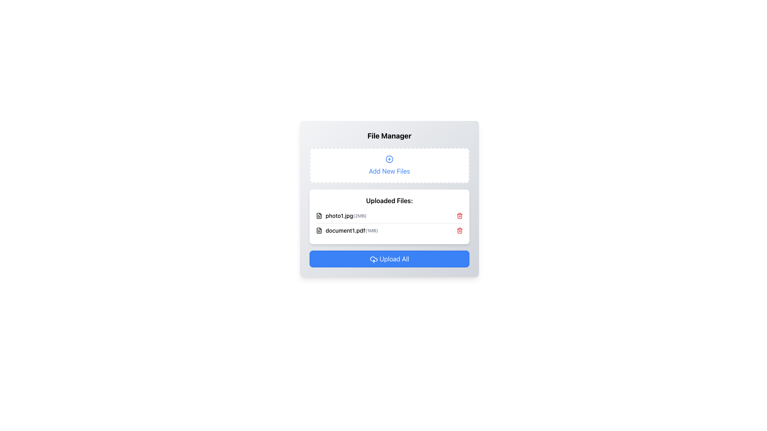 The height and width of the screenshot is (431, 767). I want to click on the bold text label reading 'Uploaded Files:' located at the top of the content card that lists uploaded files, so click(389, 200).